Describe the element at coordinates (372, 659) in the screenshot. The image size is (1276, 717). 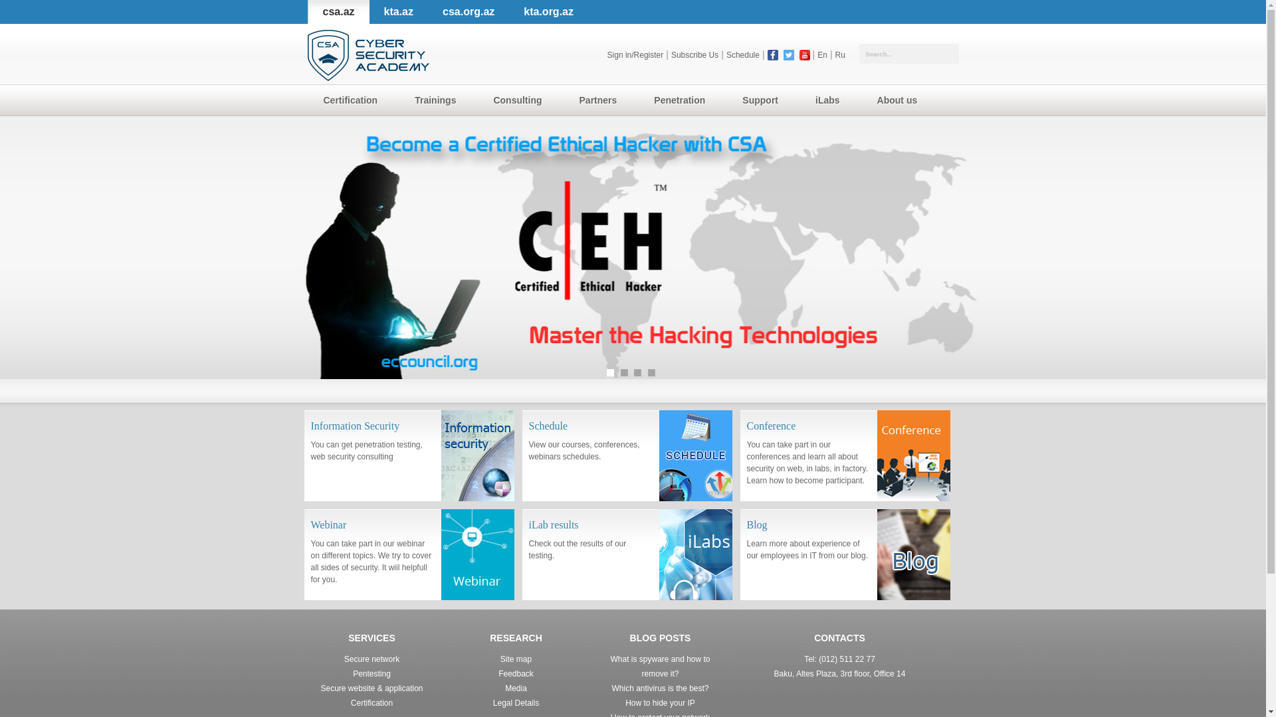
I see `'Secure network'` at that location.